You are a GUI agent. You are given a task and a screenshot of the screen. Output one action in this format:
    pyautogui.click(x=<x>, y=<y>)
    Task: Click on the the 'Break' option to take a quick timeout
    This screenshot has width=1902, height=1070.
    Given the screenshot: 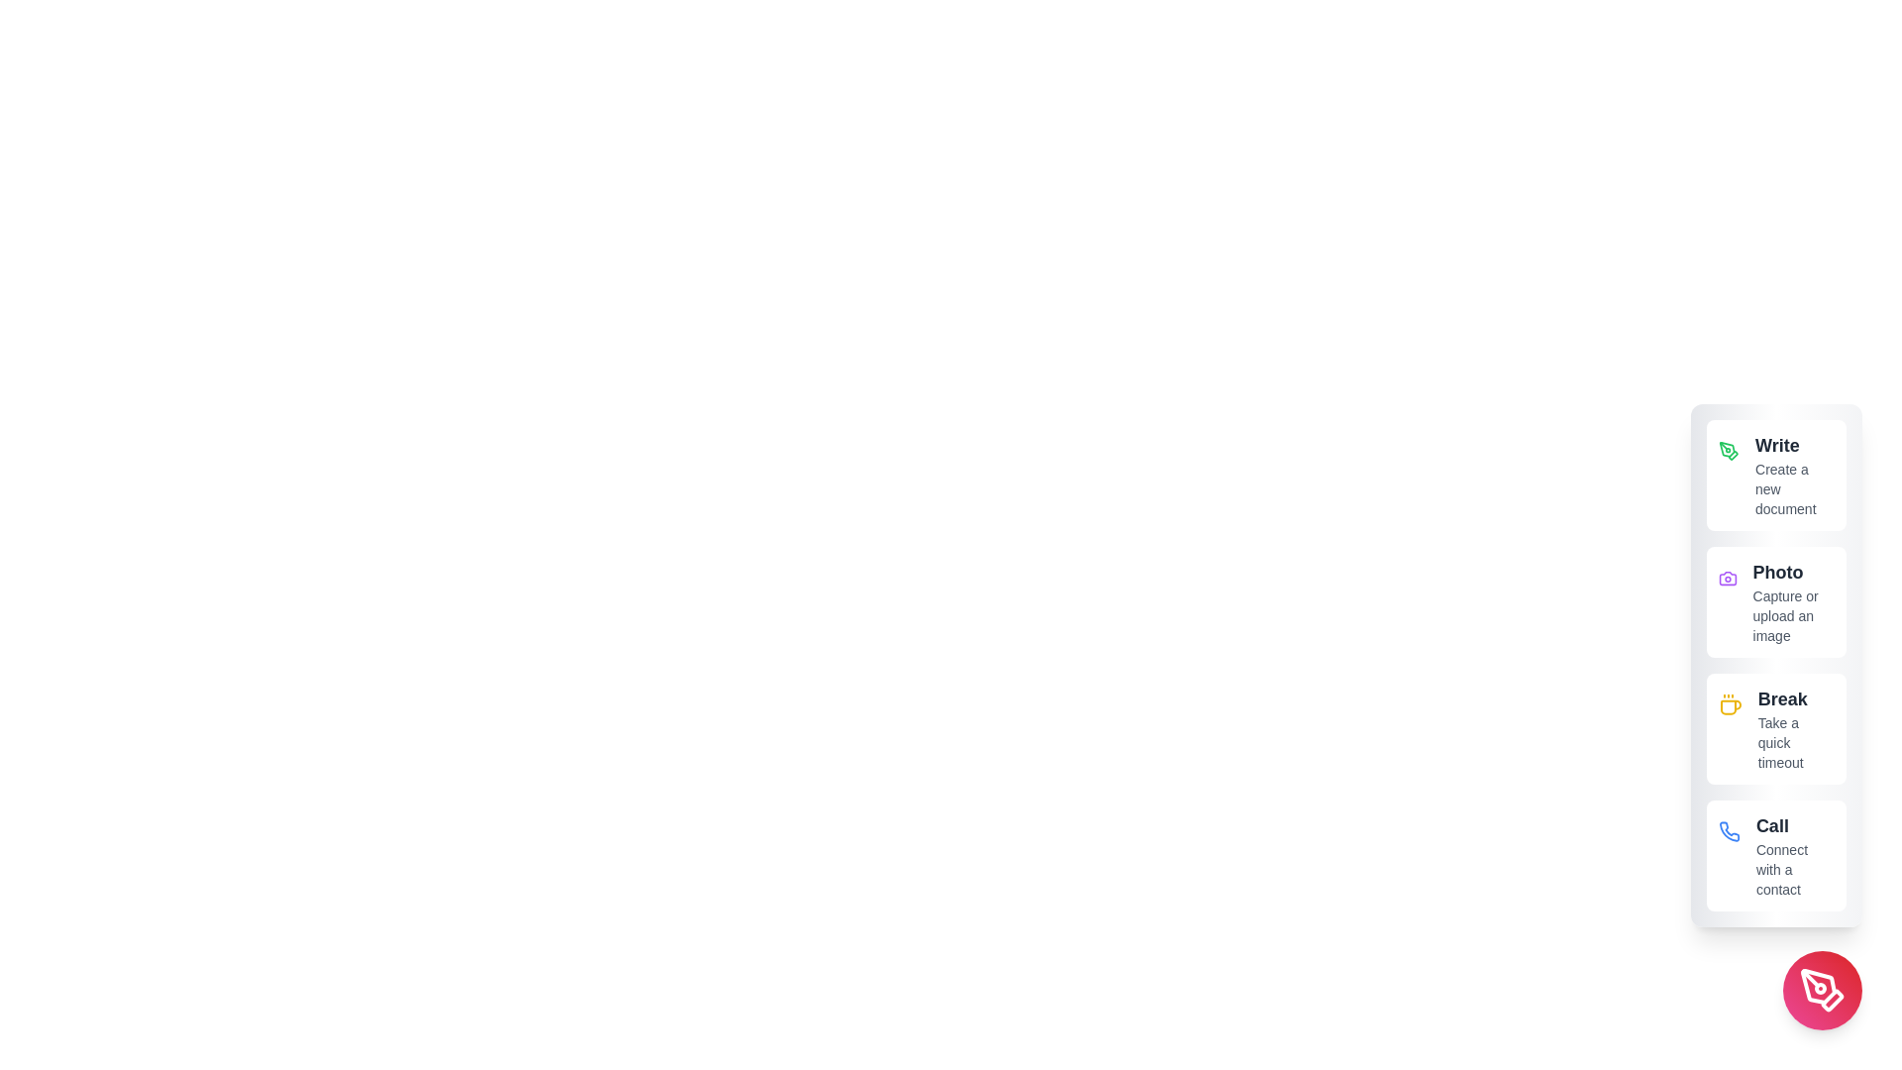 What is the action you would take?
    pyautogui.click(x=1776, y=729)
    